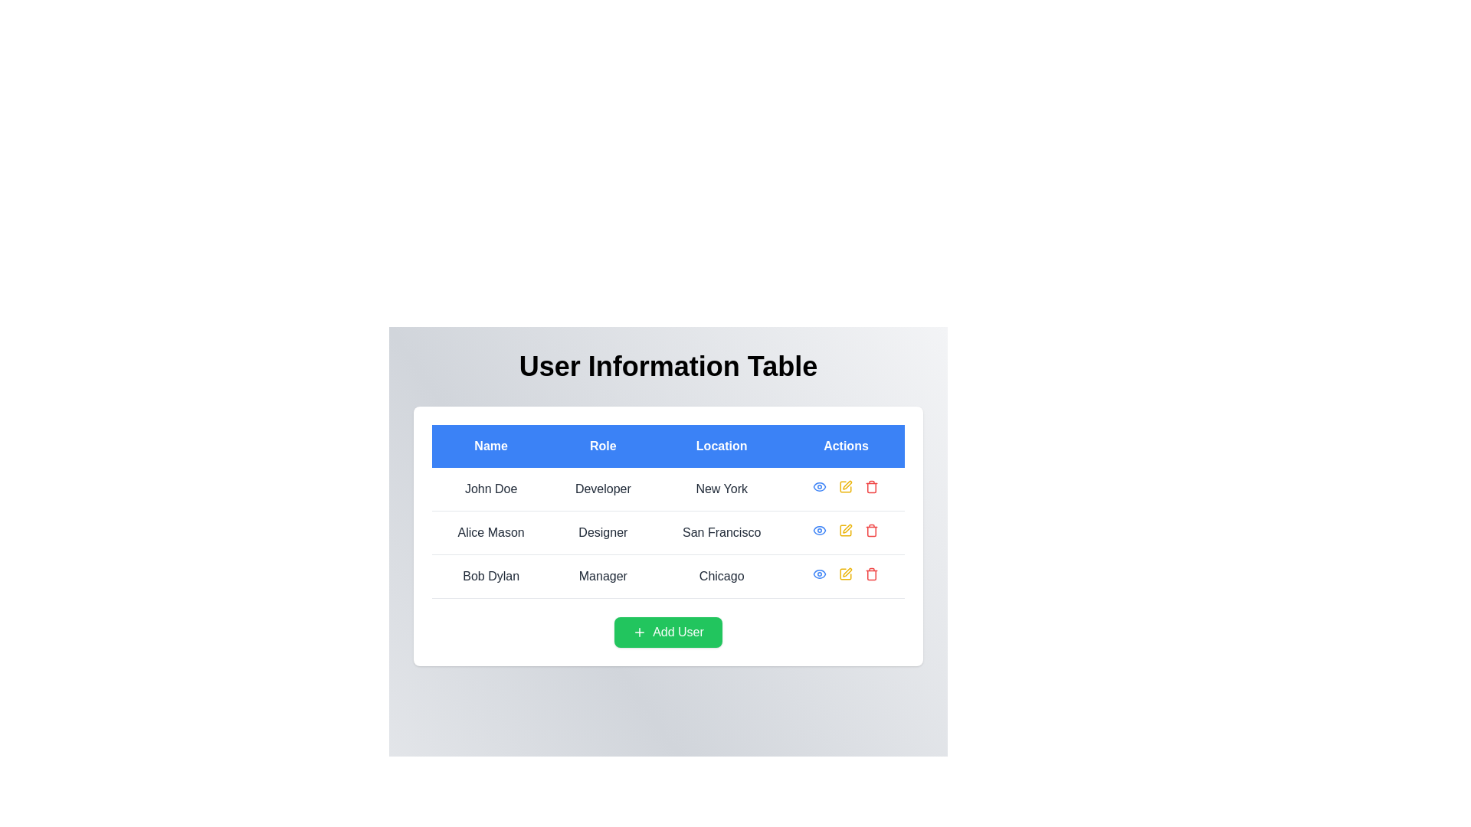  Describe the element at coordinates (602, 446) in the screenshot. I see `the blue button-like table header cell labeled 'Role', which is positioned second from the left among its siblings ('Name', 'Role', 'Location', 'Actions')` at that location.